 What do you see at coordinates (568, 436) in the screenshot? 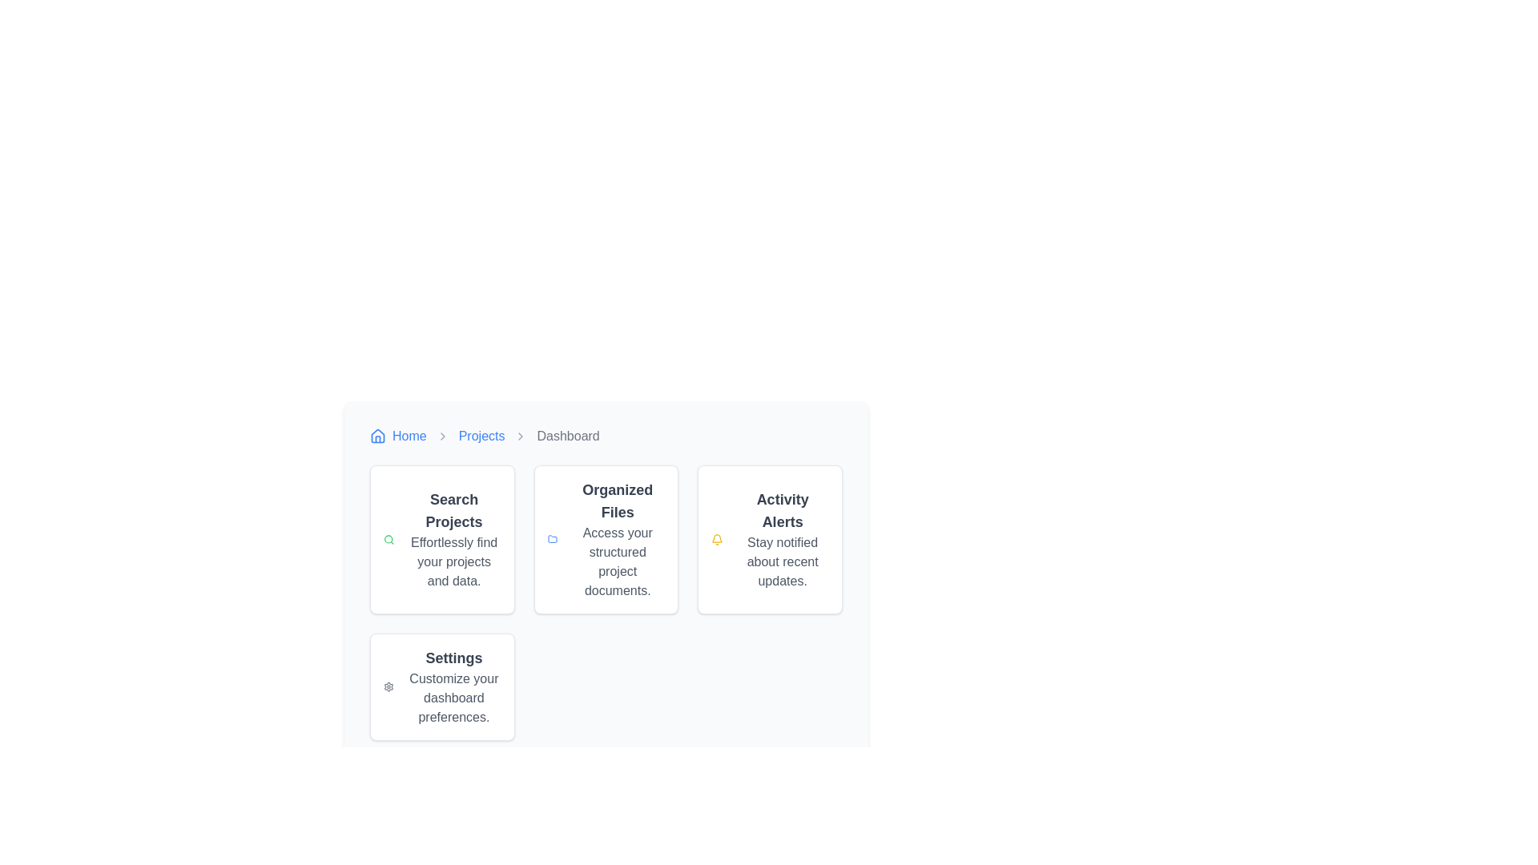
I see `the descriptive label or breadcrumb item located on the right side of the navigation bar, which indicates the current section or page in the navigation flow` at bounding box center [568, 436].